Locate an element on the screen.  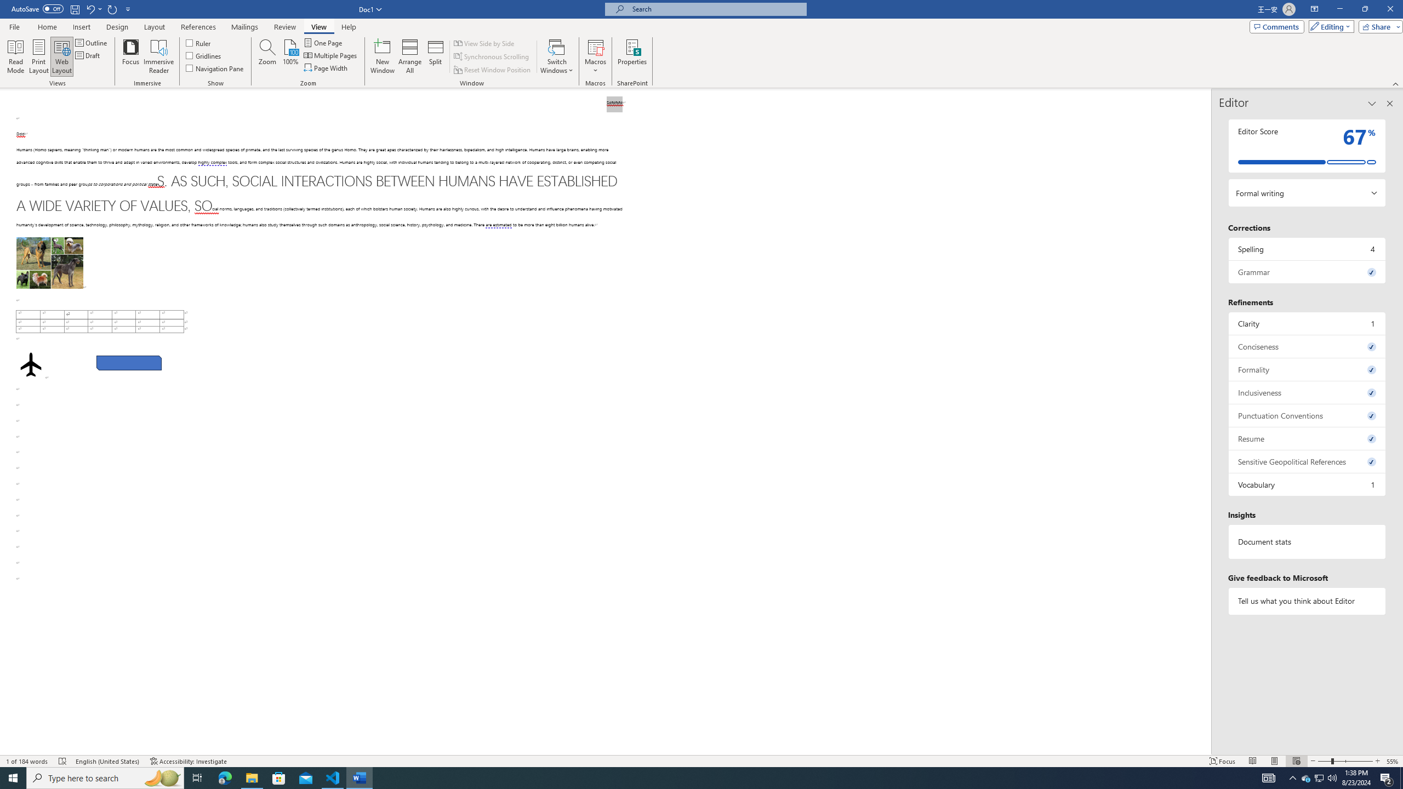
'100%' is located at coordinates (290, 56).